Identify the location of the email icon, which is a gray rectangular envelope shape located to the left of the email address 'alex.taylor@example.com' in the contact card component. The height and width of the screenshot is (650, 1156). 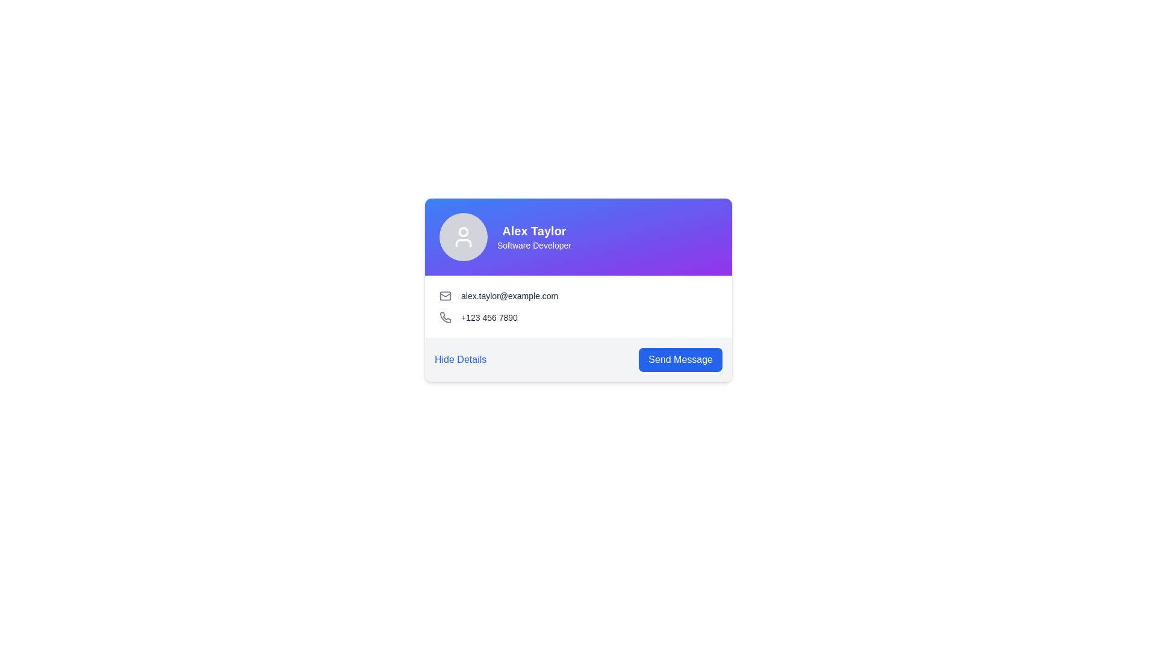
(444, 296).